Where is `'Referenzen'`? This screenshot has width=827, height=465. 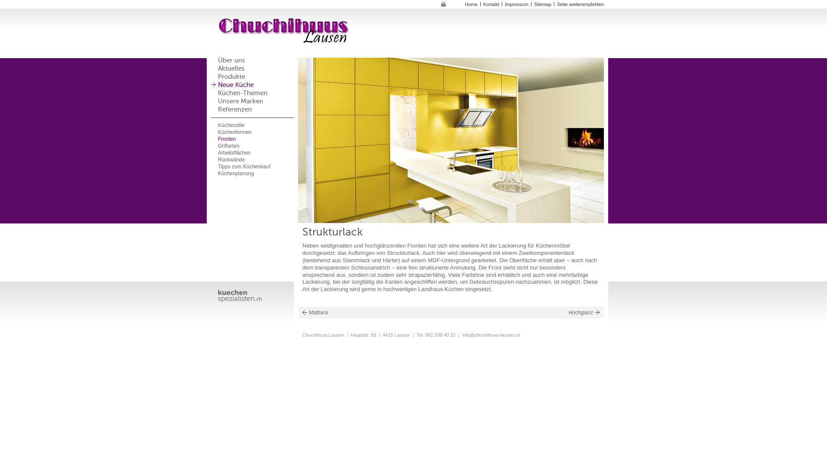
'Referenzen' is located at coordinates (235, 109).